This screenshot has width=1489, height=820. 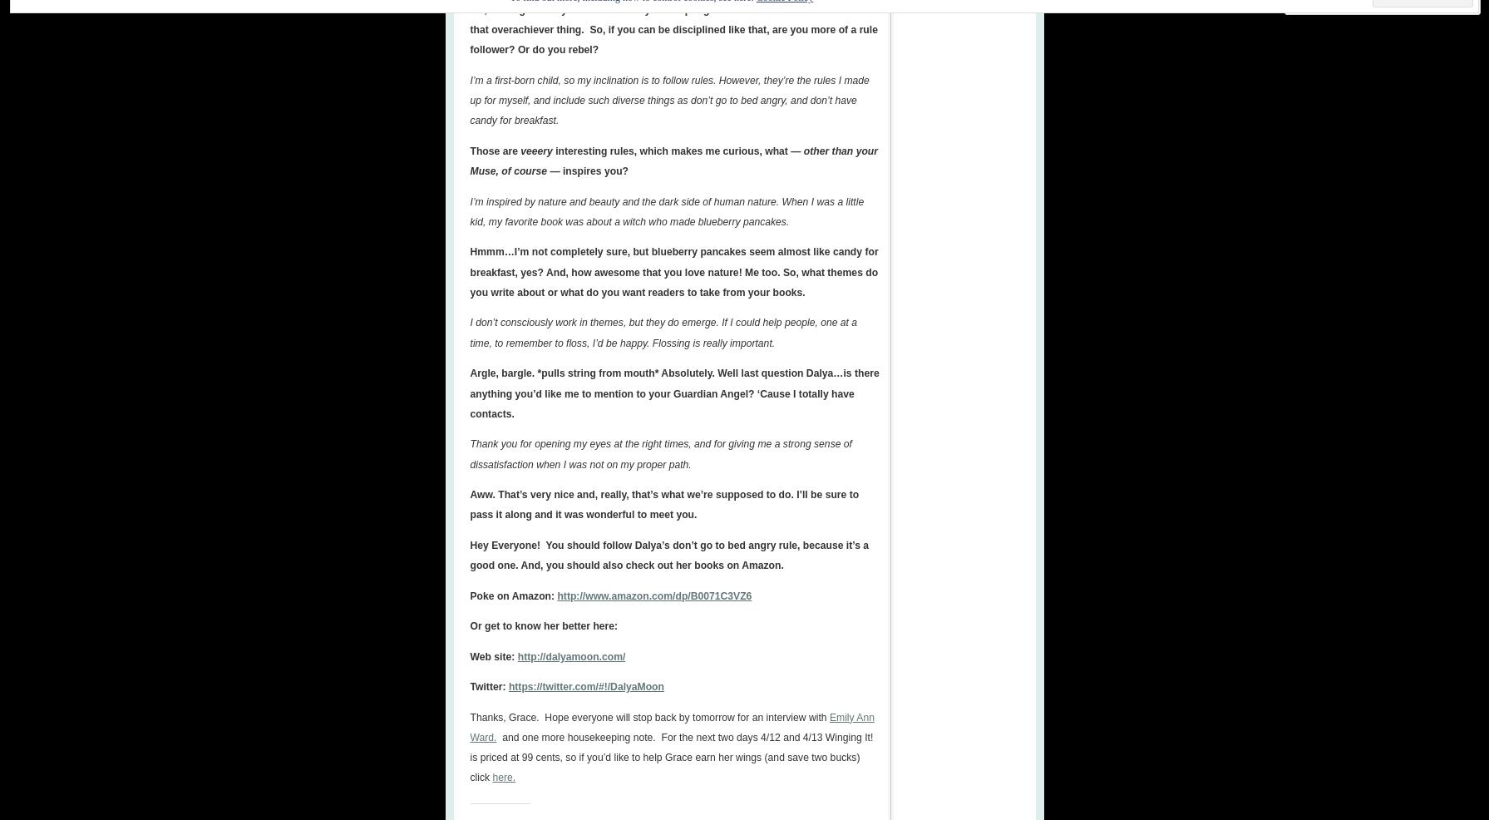 What do you see at coordinates (663, 504) in the screenshot?
I see `'Aww. That’s very nice and, really, that’s what we’re supposed to do. I’ll be sure to pass it along and it was wonderful to meet you.'` at bounding box center [663, 504].